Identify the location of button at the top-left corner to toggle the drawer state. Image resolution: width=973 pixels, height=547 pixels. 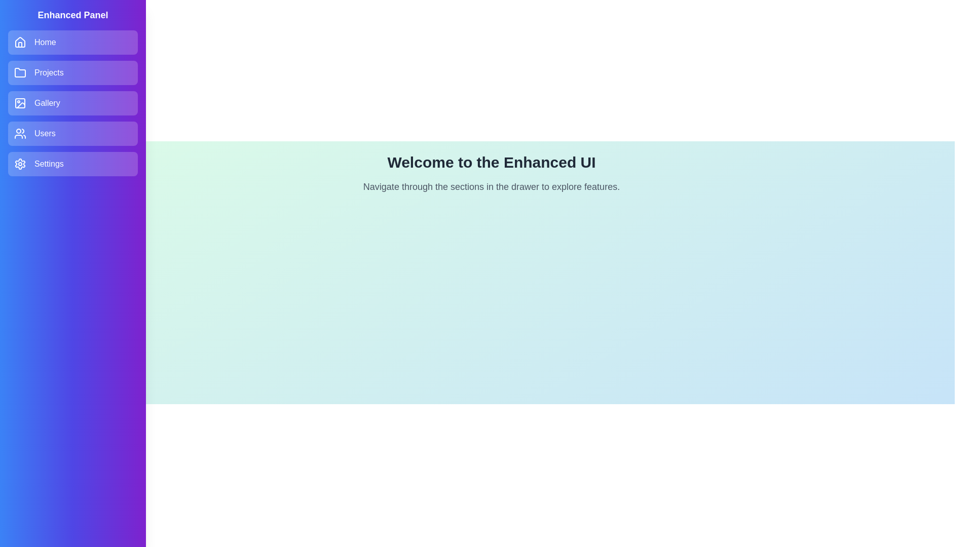
(36, 149).